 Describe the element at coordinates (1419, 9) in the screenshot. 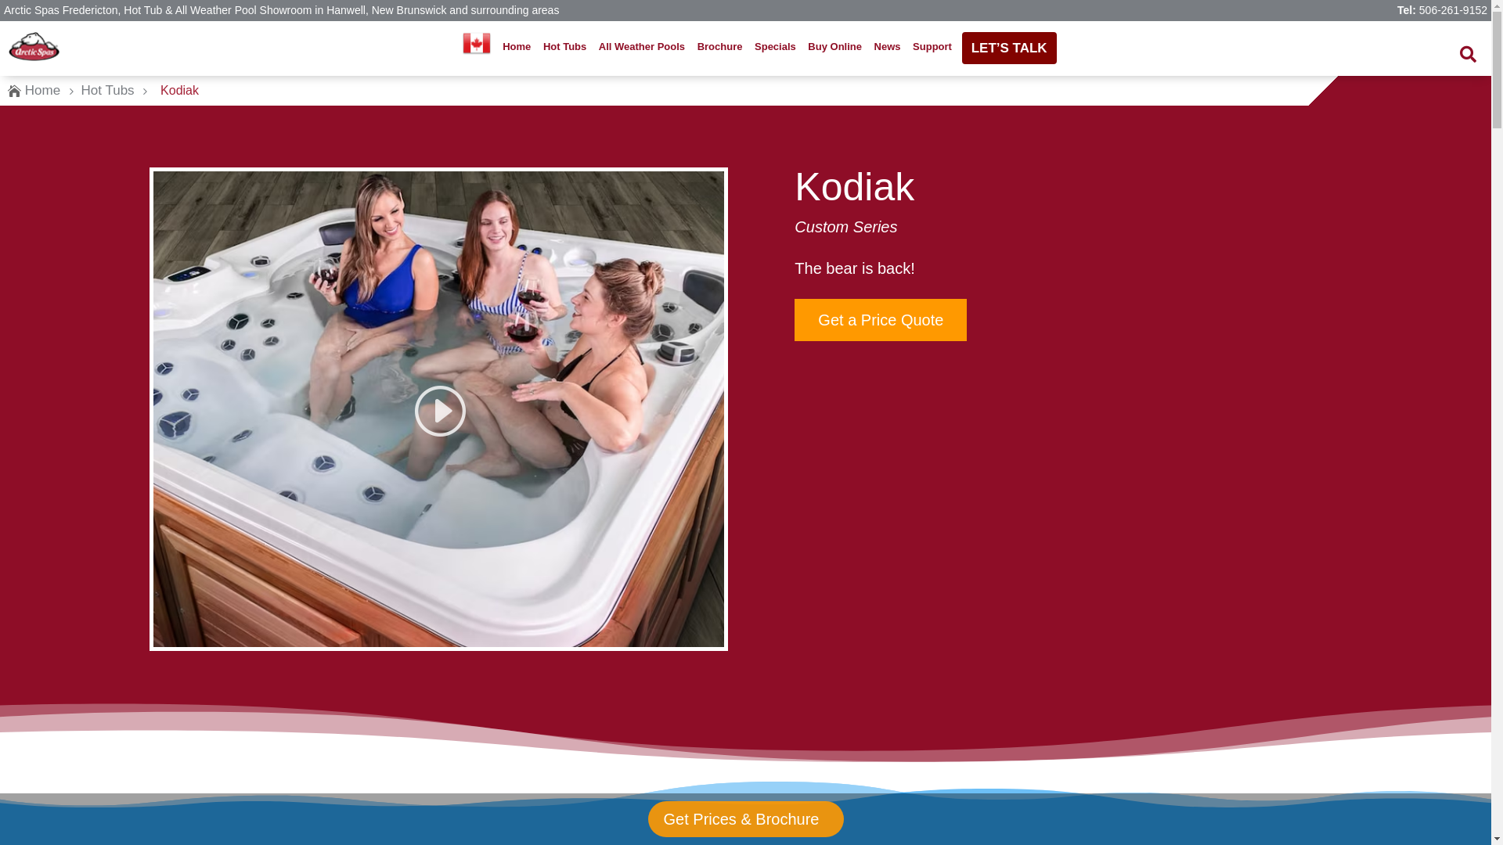

I see `'506-261-9152'` at that location.